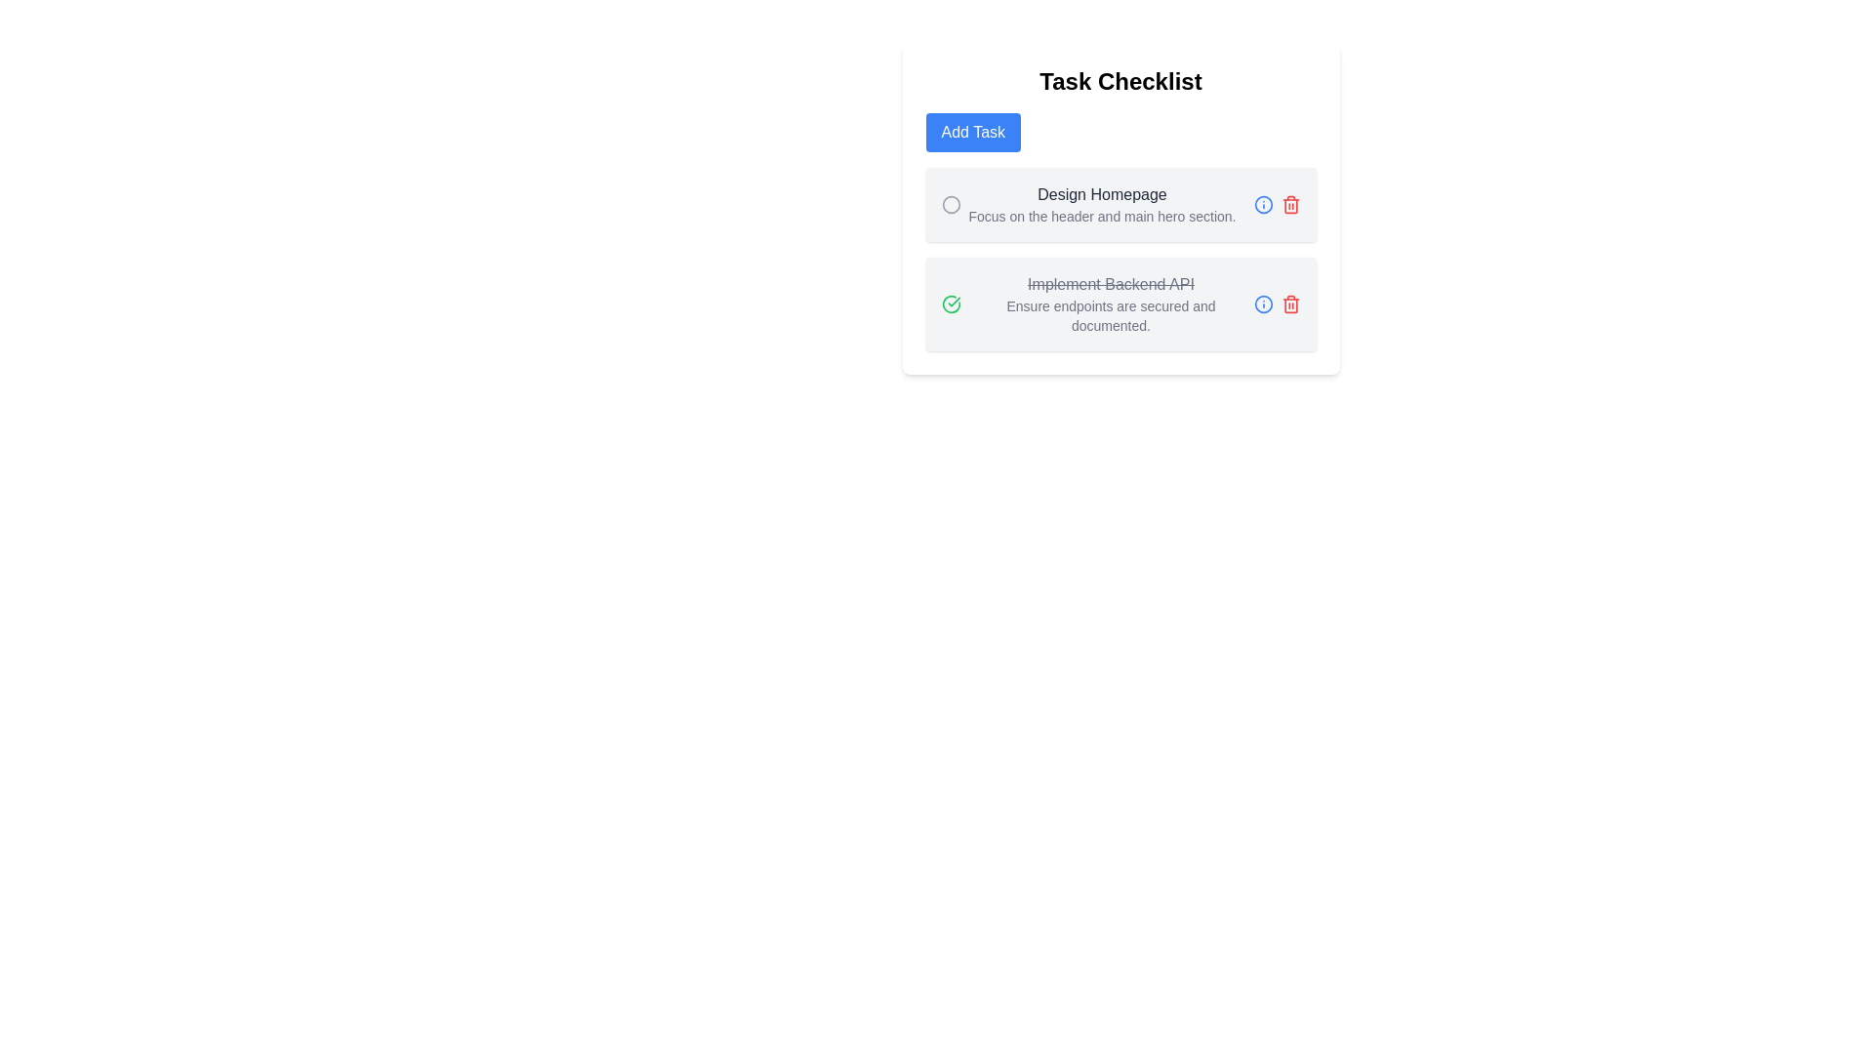 Image resolution: width=1874 pixels, height=1054 pixels. Describe the element at coordinates (973, 132) in the screenshot. I see `the 'Add Task' button located in the task management panel immediately below the 'Task Checklist' header` at that location.